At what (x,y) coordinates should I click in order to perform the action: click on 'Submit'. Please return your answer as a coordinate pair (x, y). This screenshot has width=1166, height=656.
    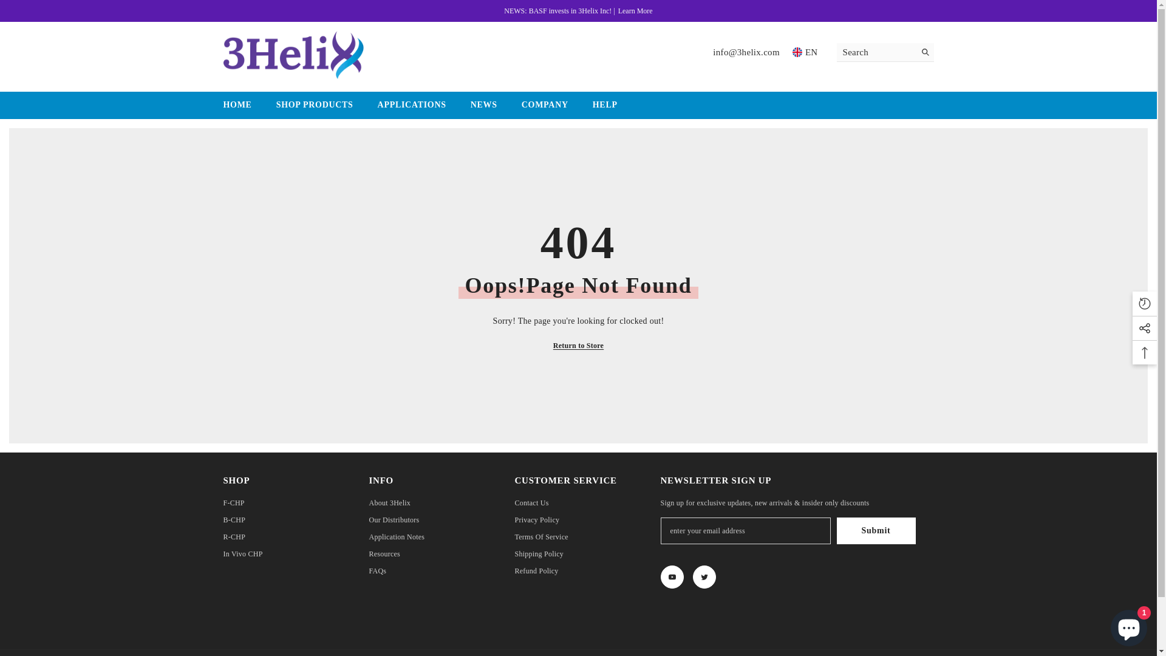
    Looking at the image, I should click on (876, 530).